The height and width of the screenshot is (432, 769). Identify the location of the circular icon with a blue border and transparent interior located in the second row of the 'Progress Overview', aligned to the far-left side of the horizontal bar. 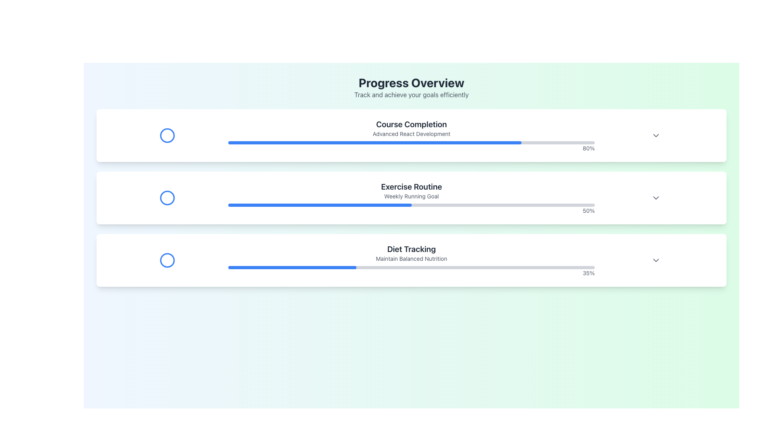
(167, 198).